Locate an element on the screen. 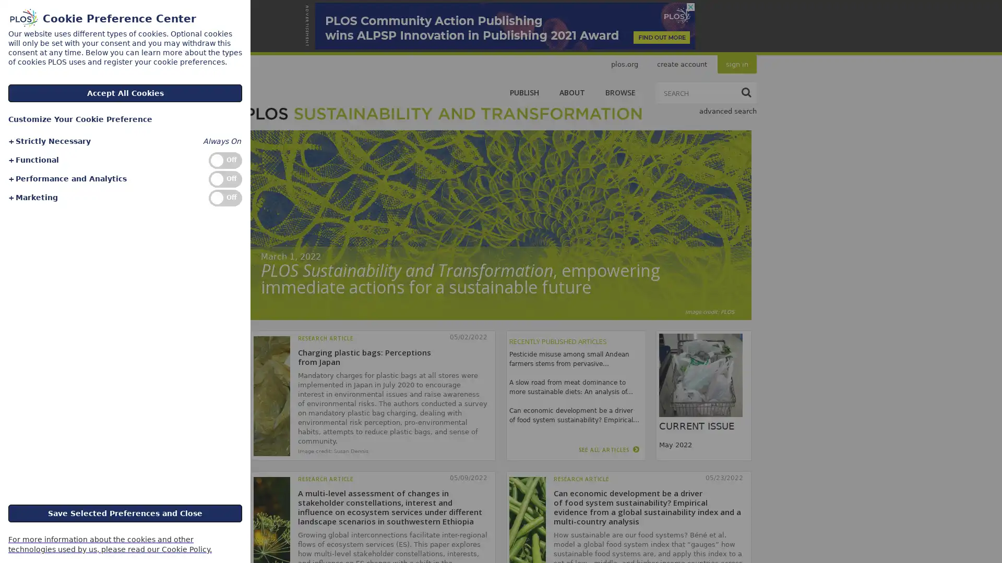 The height and width of the screenshot is (563, 1002). Accept All Cookies is located at coordinates (125, 92).